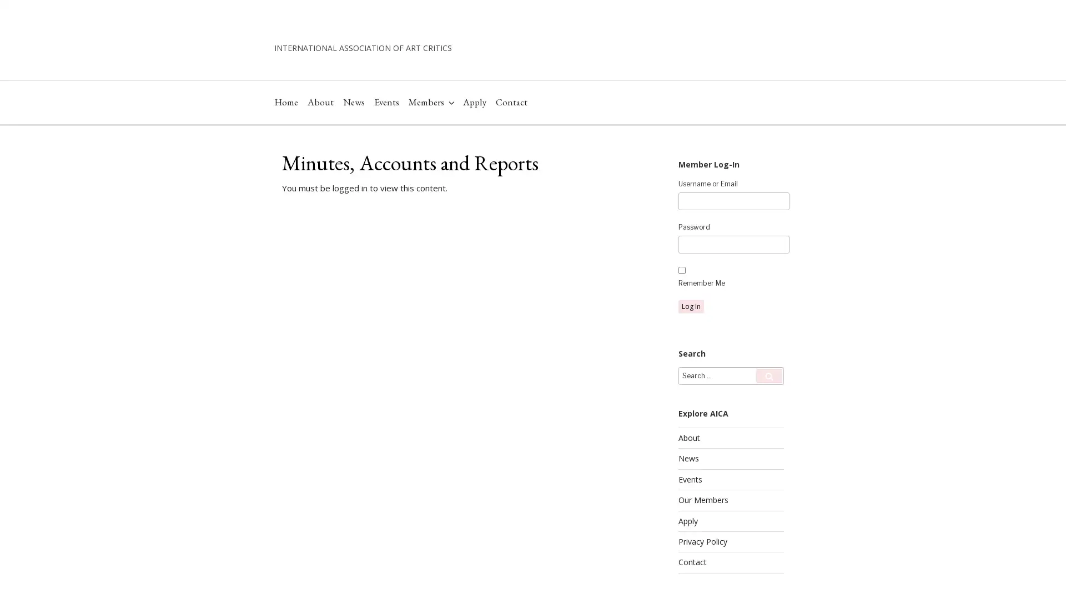 Image resolution: width=1066 pixels, height=599 pixels. Describe the element at coordinates (690, 340) in the screenshot. I see `Log In` at that location.